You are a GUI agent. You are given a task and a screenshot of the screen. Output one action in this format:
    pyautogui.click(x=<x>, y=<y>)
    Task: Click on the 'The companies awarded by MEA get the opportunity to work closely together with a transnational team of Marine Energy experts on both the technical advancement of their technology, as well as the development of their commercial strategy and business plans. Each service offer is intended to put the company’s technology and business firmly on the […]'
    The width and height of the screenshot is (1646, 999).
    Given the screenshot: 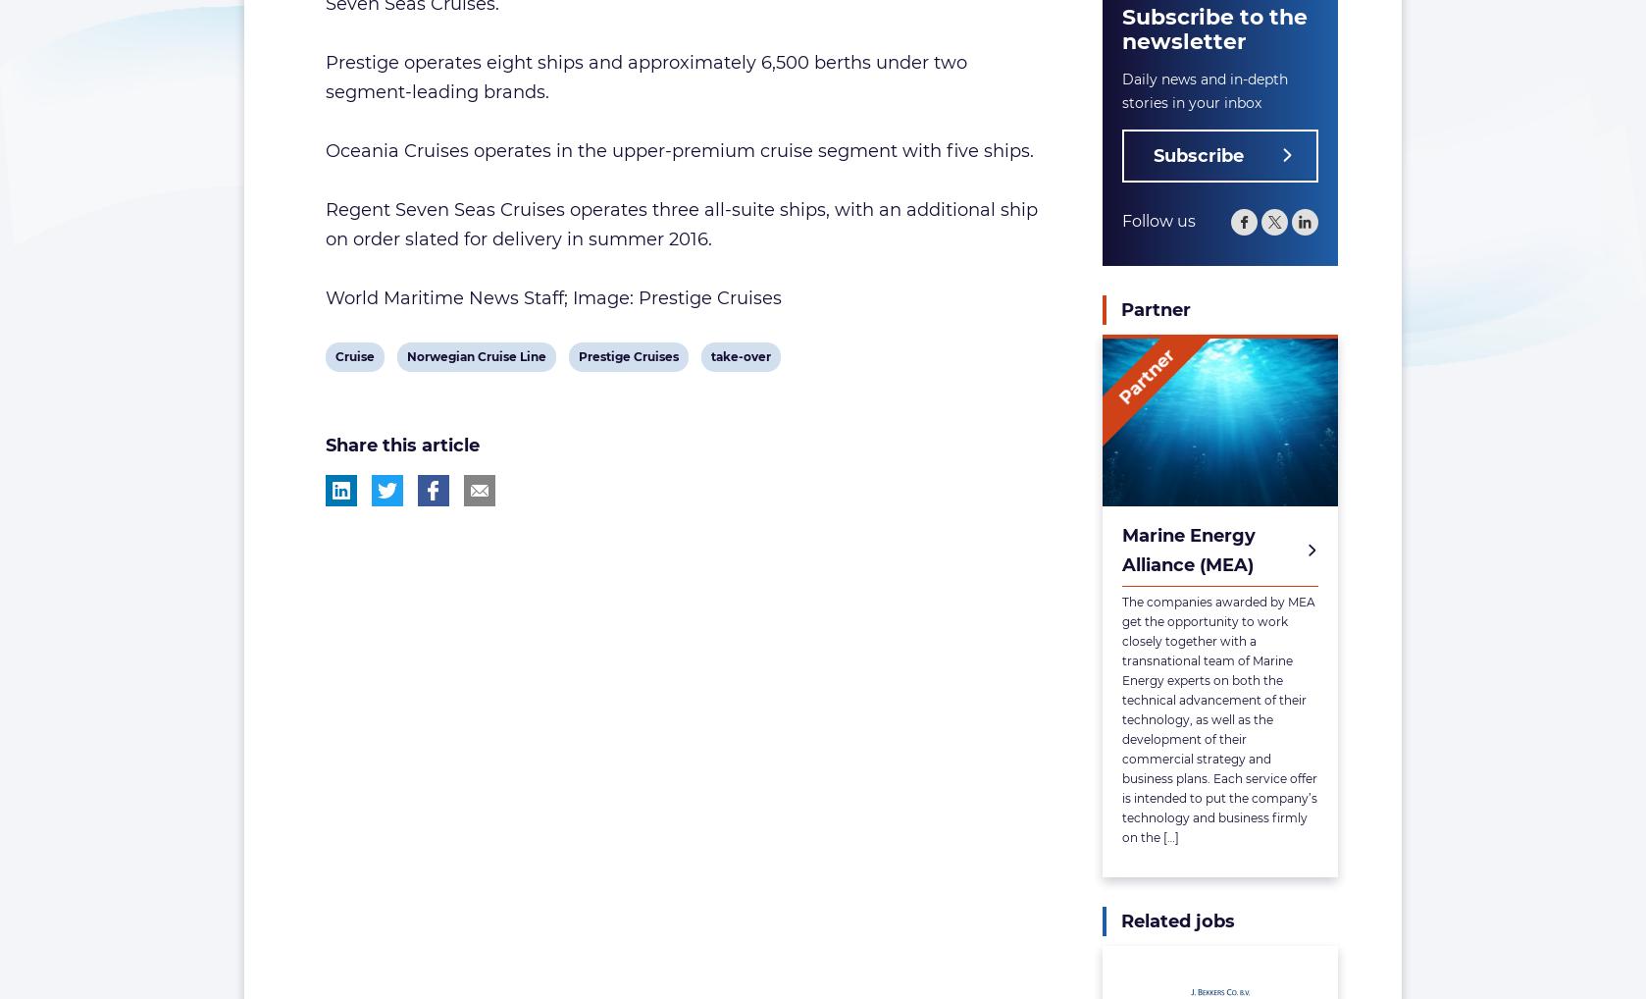 What is the action you would take?
    pyautogui.click(x=1122, y=718)
    